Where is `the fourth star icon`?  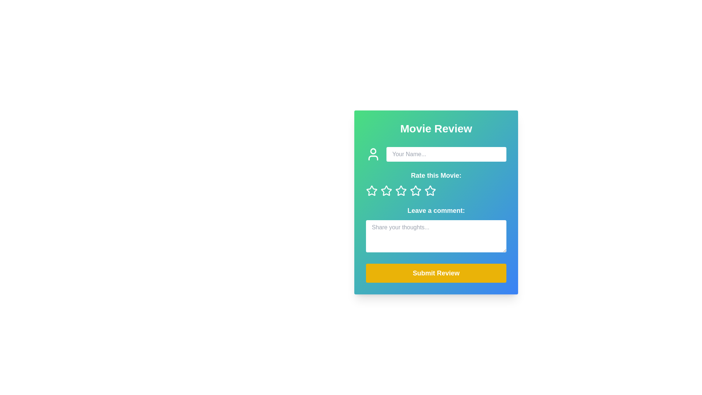 the fourth star icon is located at coordinates (430, 190).